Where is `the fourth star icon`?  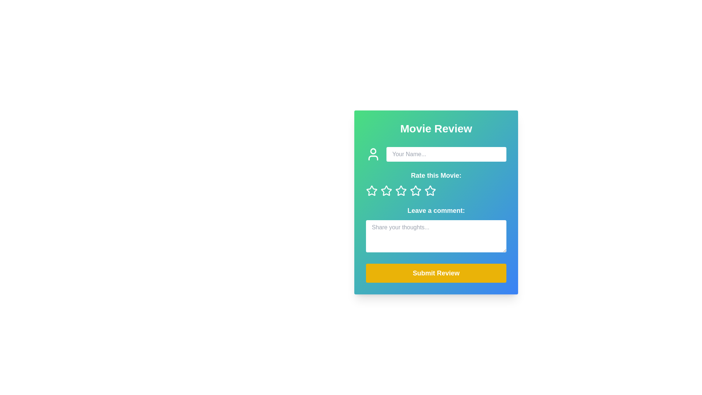 the fourth star icon is located at coordinates (430, 190).